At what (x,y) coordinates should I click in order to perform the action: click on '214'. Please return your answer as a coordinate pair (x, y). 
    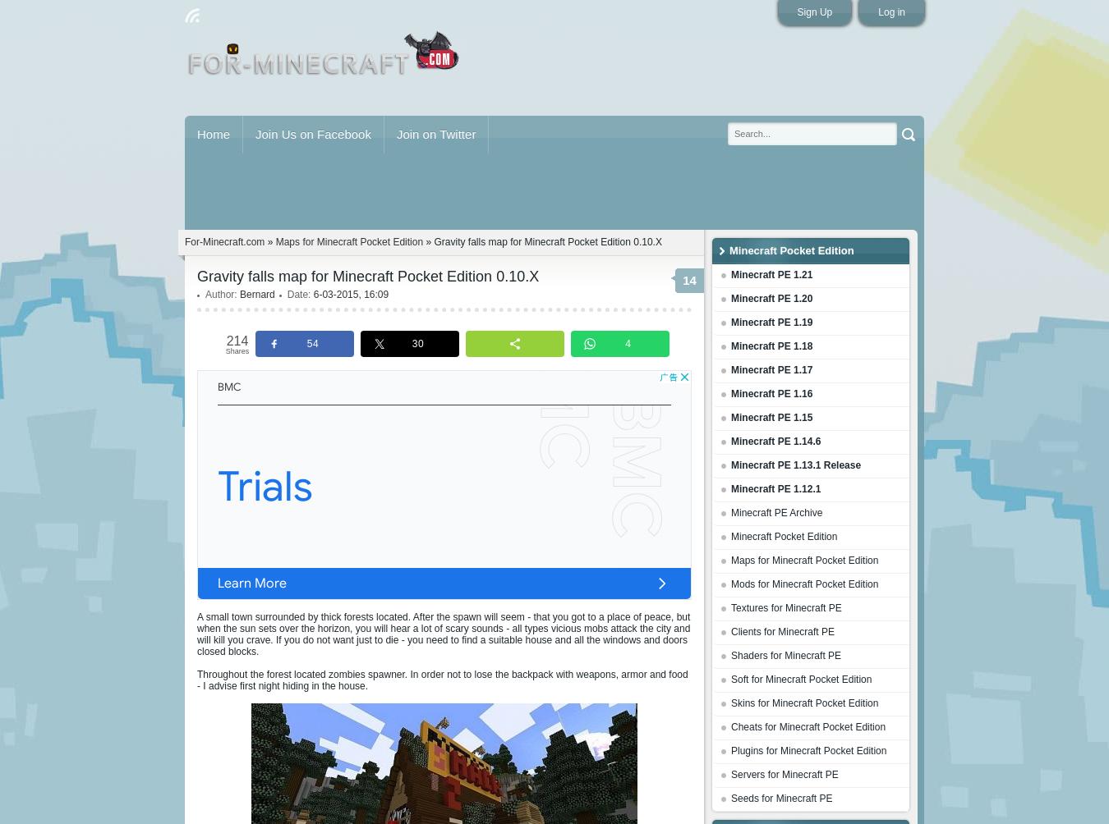
    Looking at the image, I should click on (236, 340).